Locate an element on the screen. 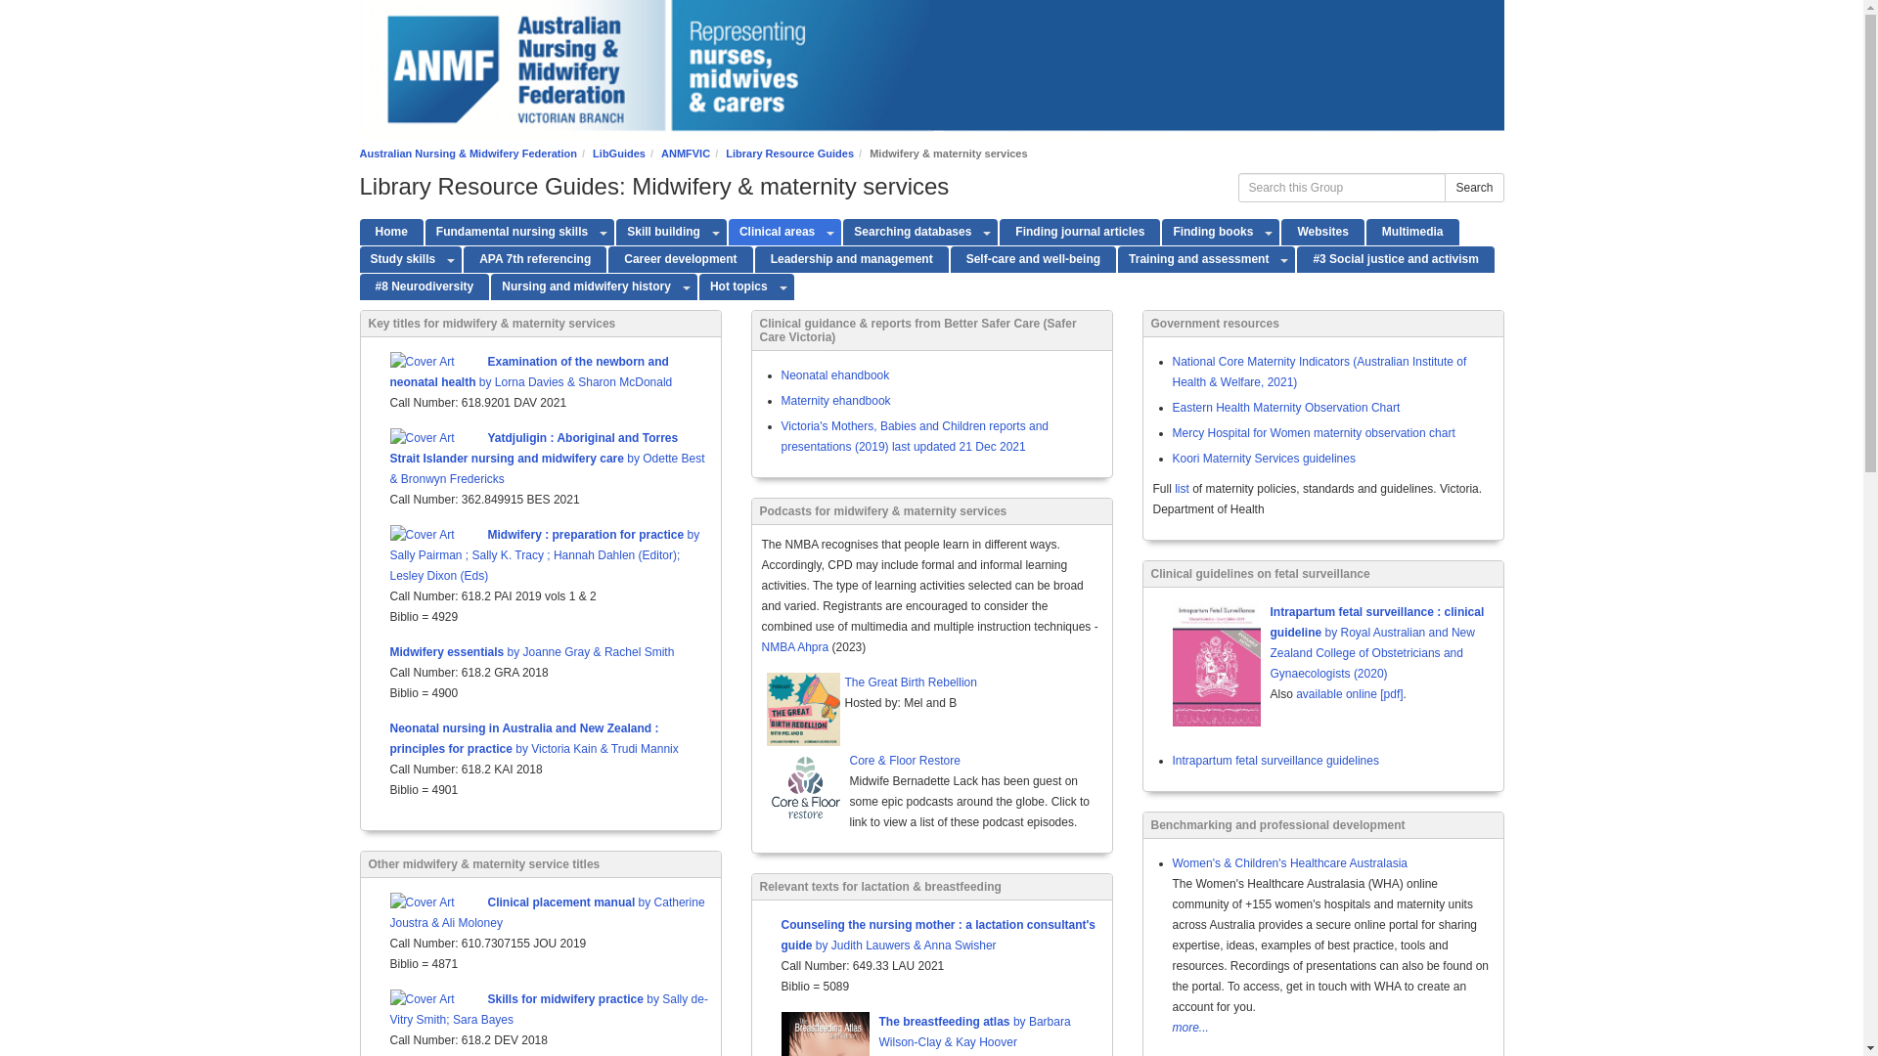  'Career development' is located at coordinates (680, 258).